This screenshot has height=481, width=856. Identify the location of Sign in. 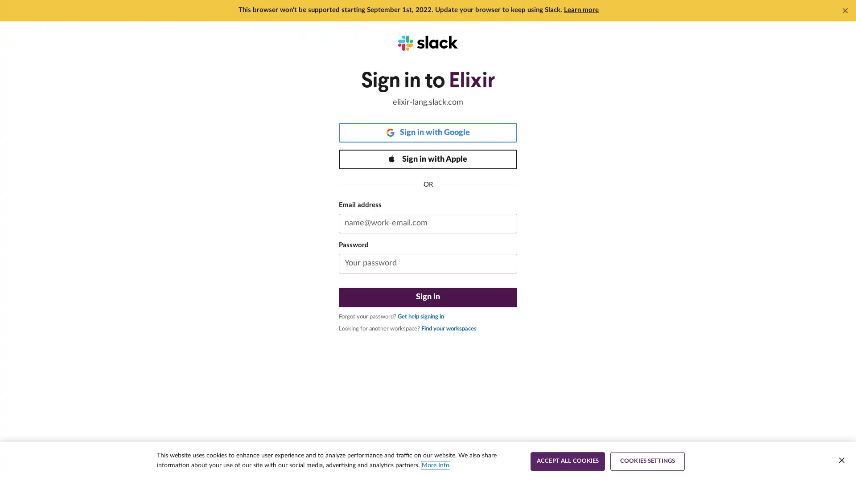
(428, 297).